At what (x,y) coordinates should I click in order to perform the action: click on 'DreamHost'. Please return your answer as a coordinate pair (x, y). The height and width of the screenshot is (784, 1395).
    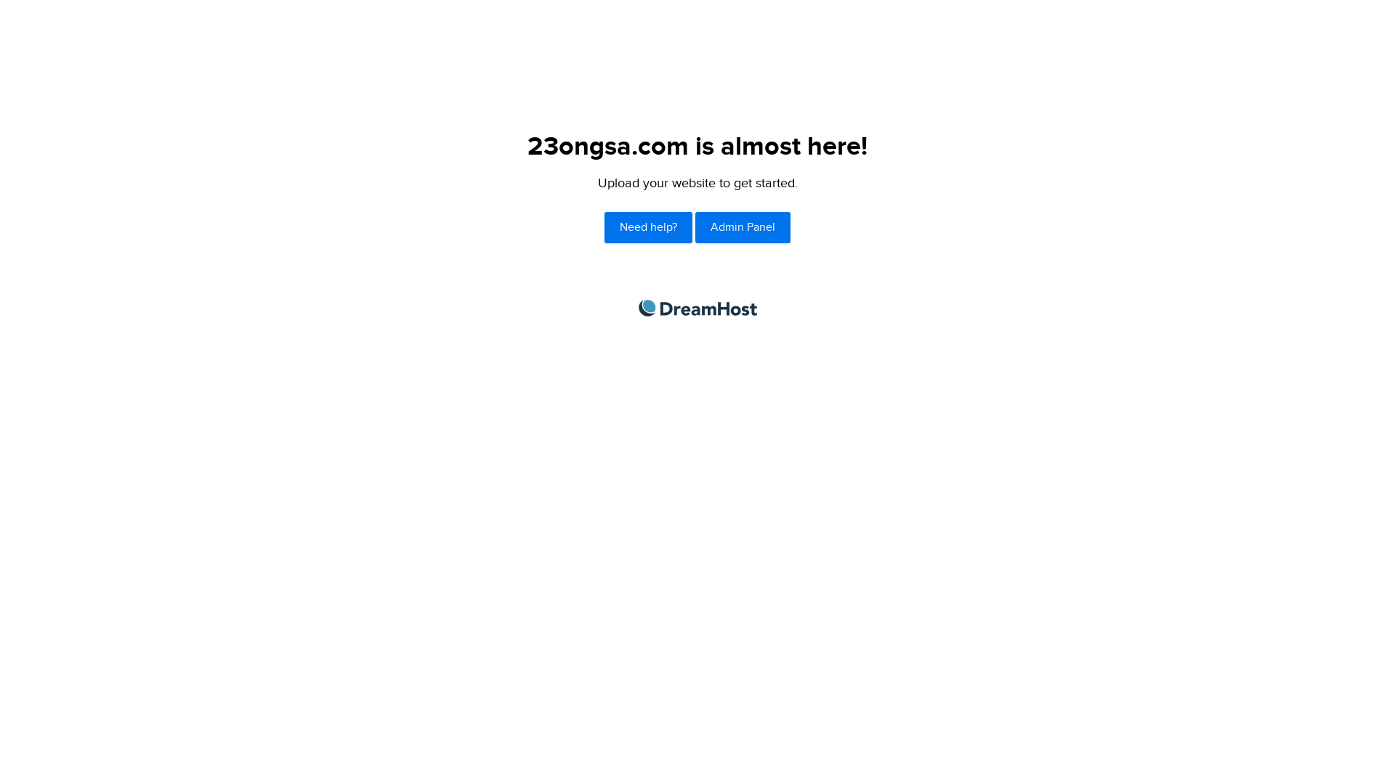
    Looking at the image, I should click on (696, 306).